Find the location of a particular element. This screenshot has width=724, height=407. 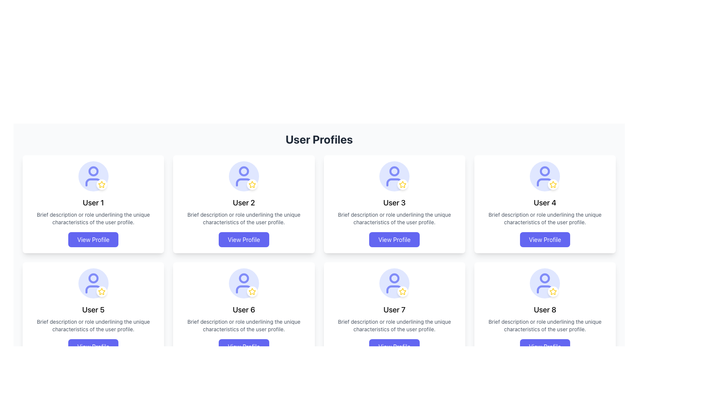

the top circular user icon with a badge located in the card labeled 'User 4' in the grid at the fourth position in the first row is located at coordinates (545, 176).